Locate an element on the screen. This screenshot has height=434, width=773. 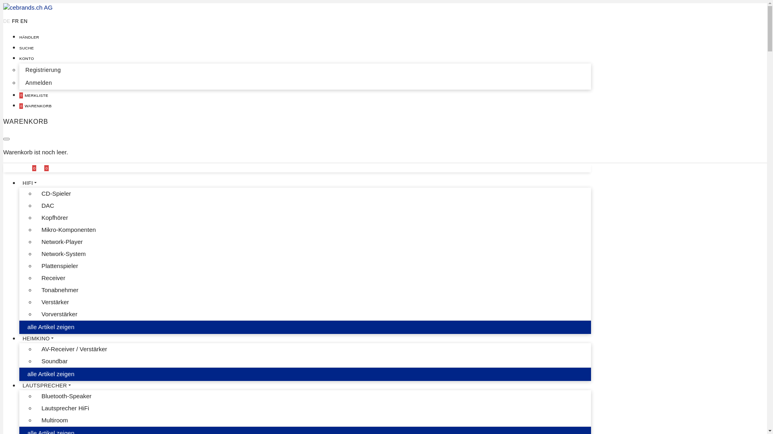
'Network-Player' is located at coordinates (81, 241).